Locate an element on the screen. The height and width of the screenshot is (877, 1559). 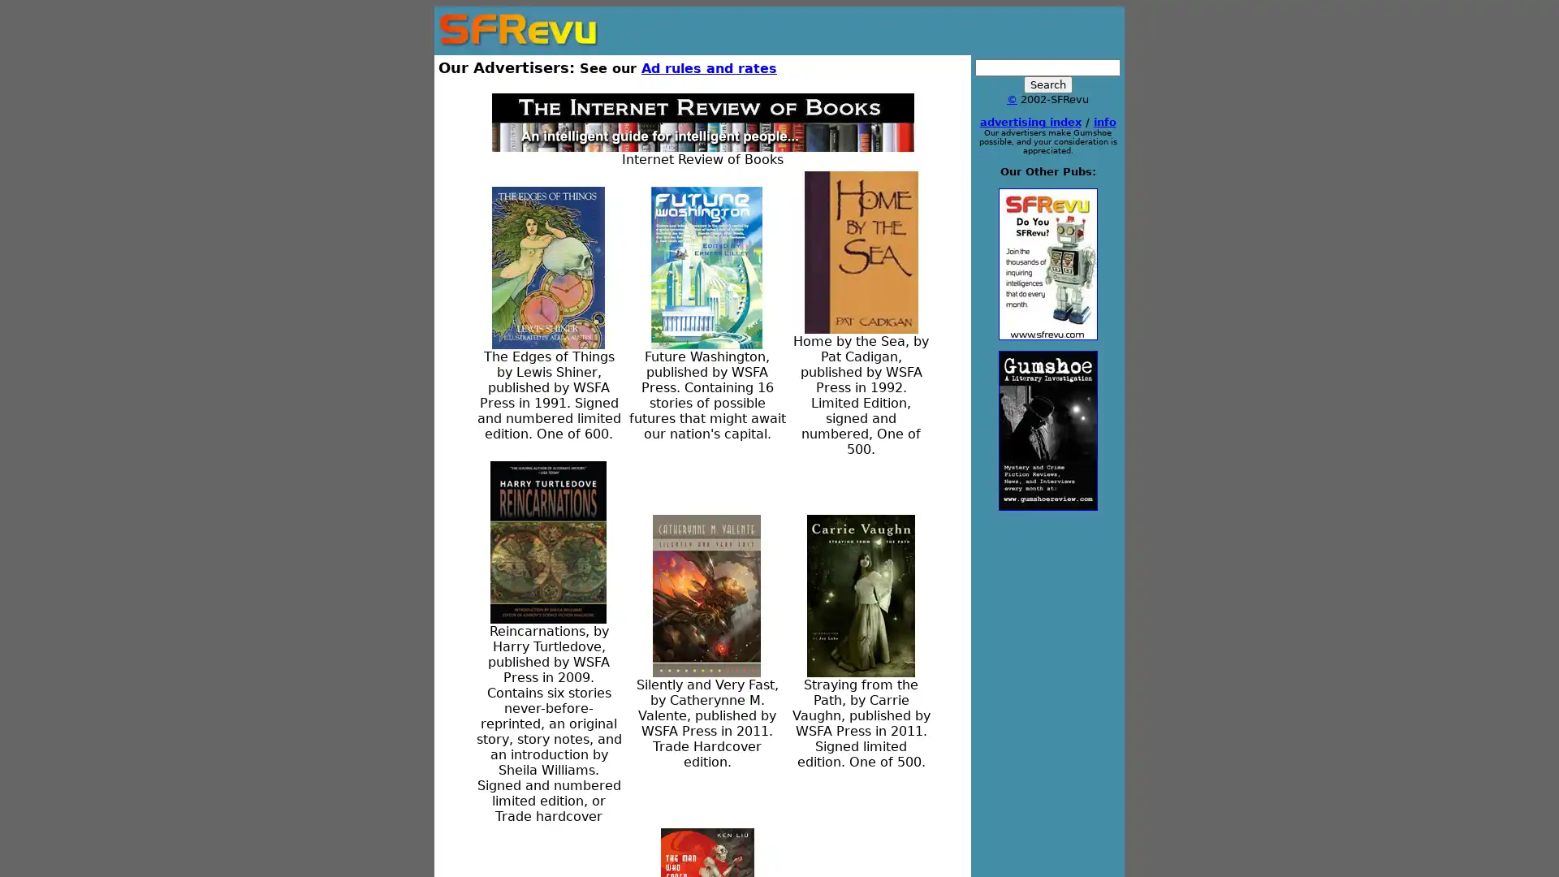
Search is located at coordinates (1047, 84).